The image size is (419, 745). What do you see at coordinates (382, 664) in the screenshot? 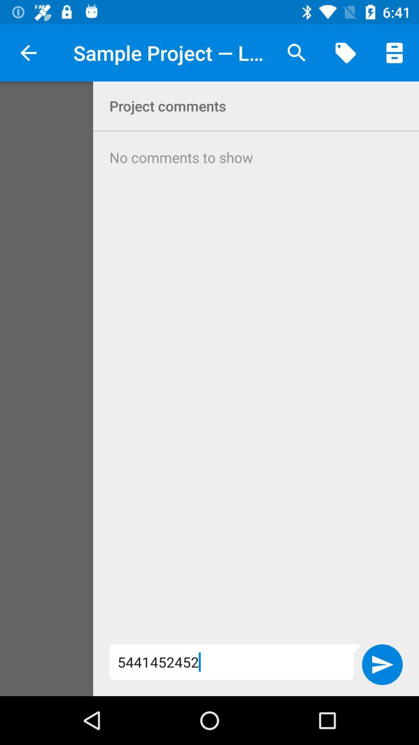
I see `the arrow which is next to the text field` at bounding box center [382, 664].